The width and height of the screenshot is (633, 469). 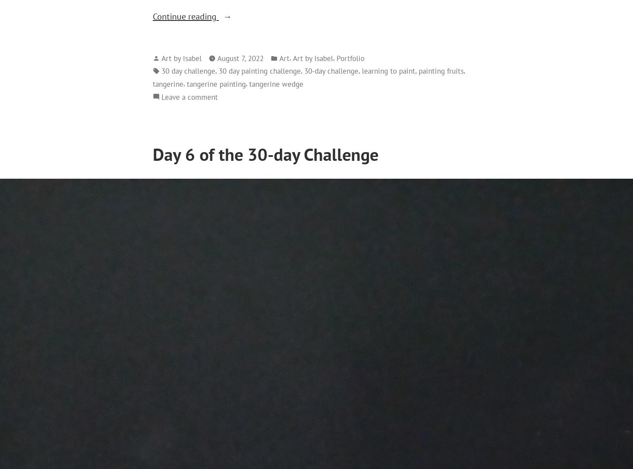 What do you see at coordinates (241, 57) in the screenshot?
I see `'August 7, 2022'` at bounding box center [241, 57].